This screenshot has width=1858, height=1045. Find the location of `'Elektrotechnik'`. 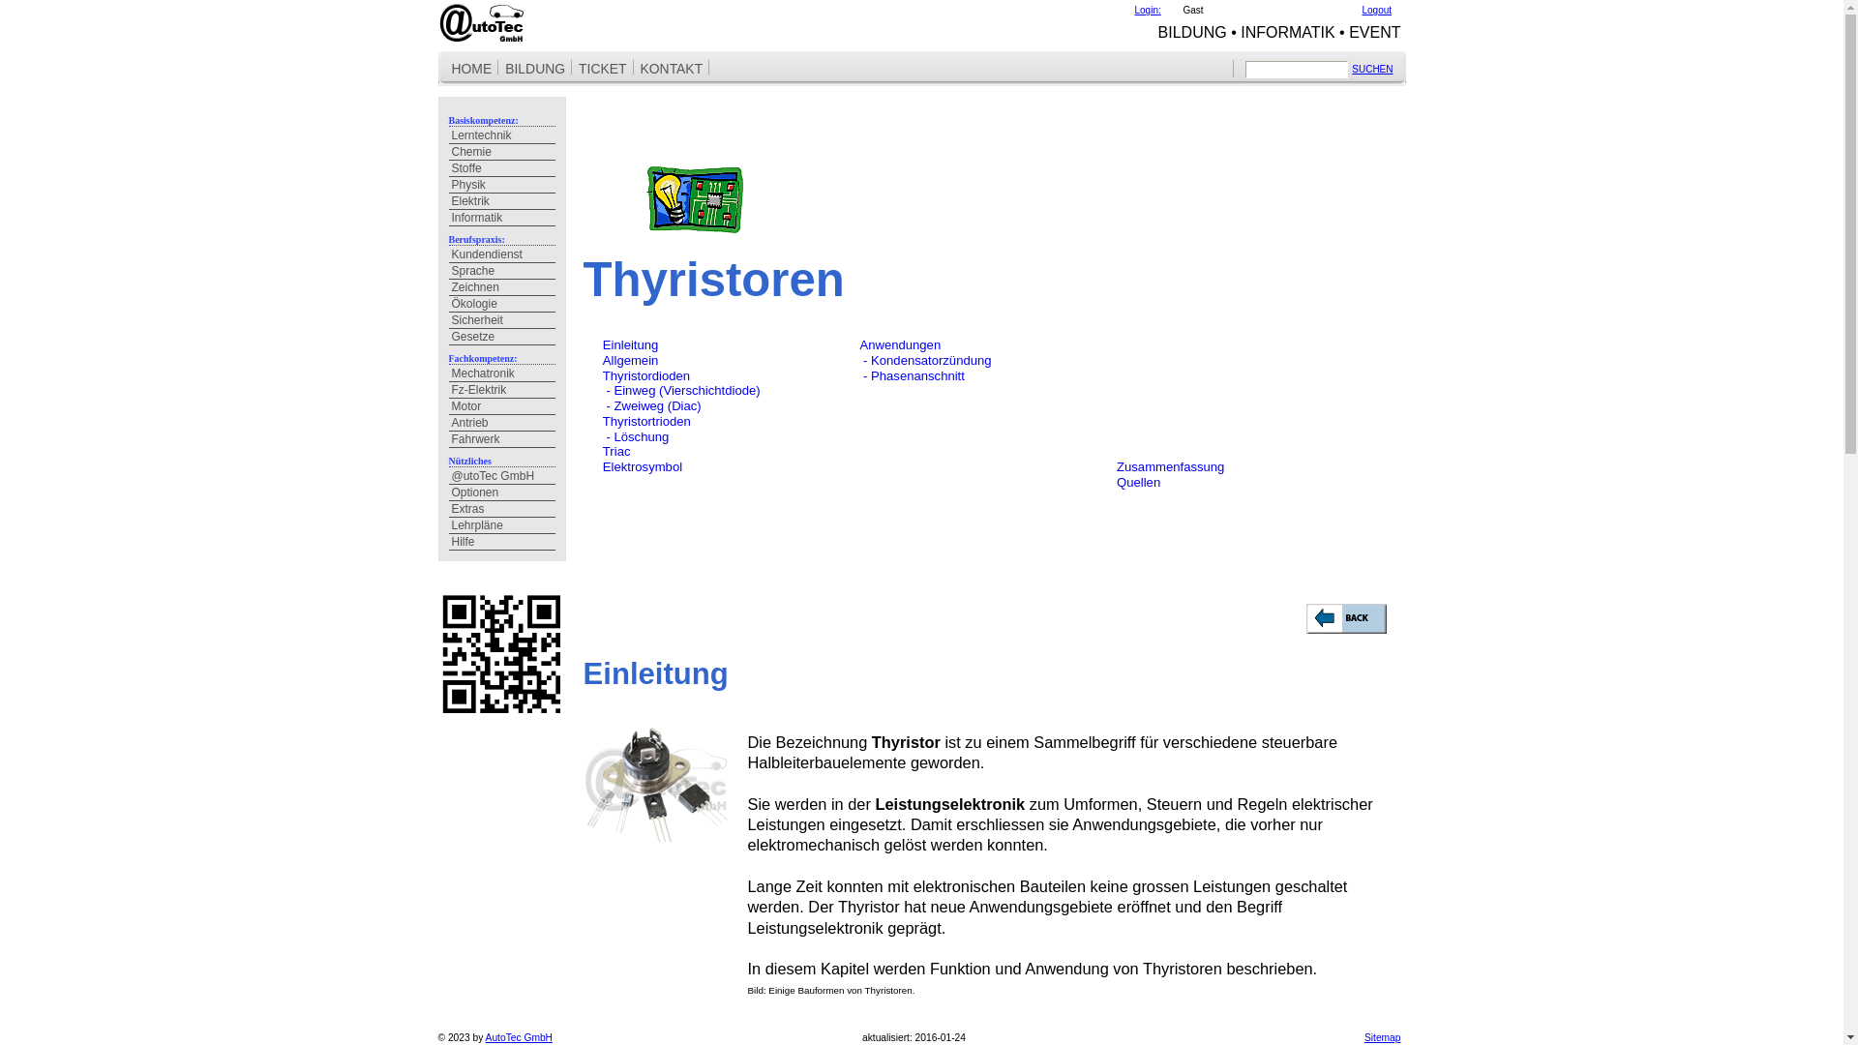

'Elektrotechnik' is located at coordinates (695, 199).